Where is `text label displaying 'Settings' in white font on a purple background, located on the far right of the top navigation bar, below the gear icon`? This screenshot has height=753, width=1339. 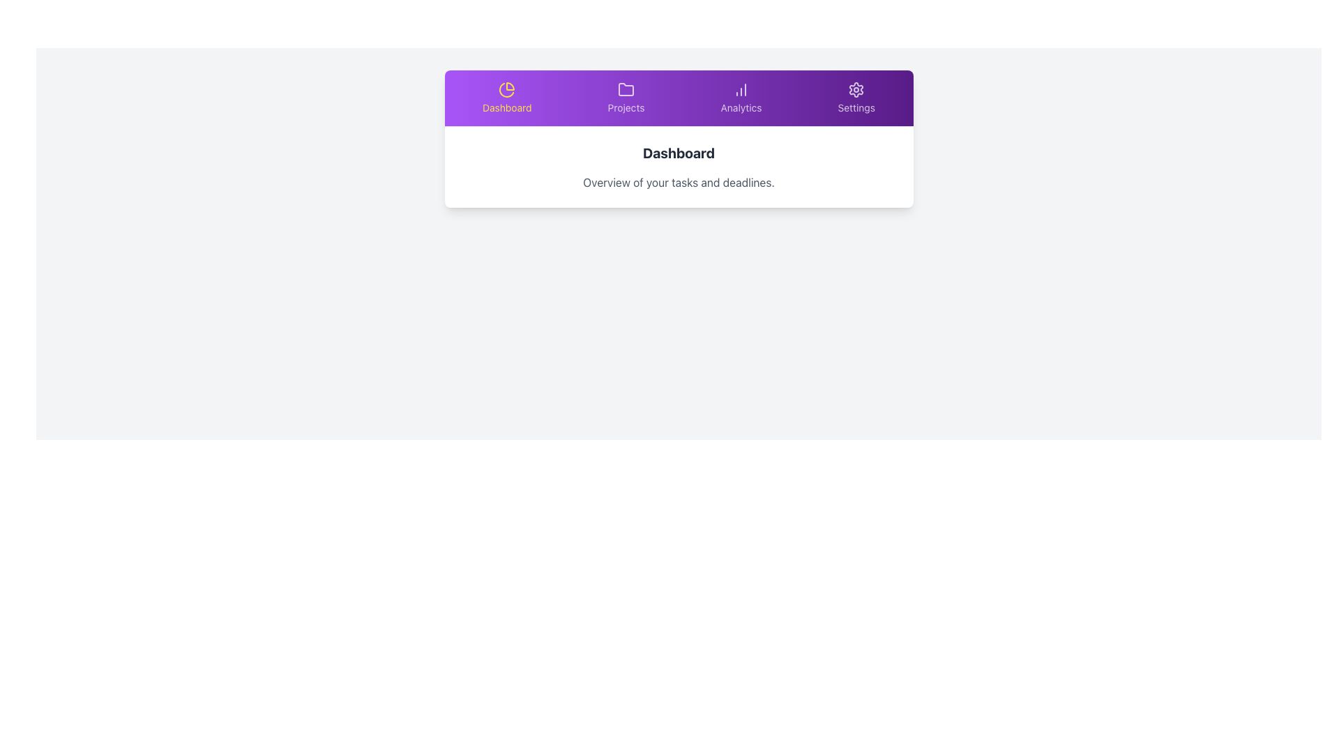 text label displaying 'Settings' in white font on a purple background, located on the far right of the top navigation bar, below the gear icon is located at coordinates (856, 107).